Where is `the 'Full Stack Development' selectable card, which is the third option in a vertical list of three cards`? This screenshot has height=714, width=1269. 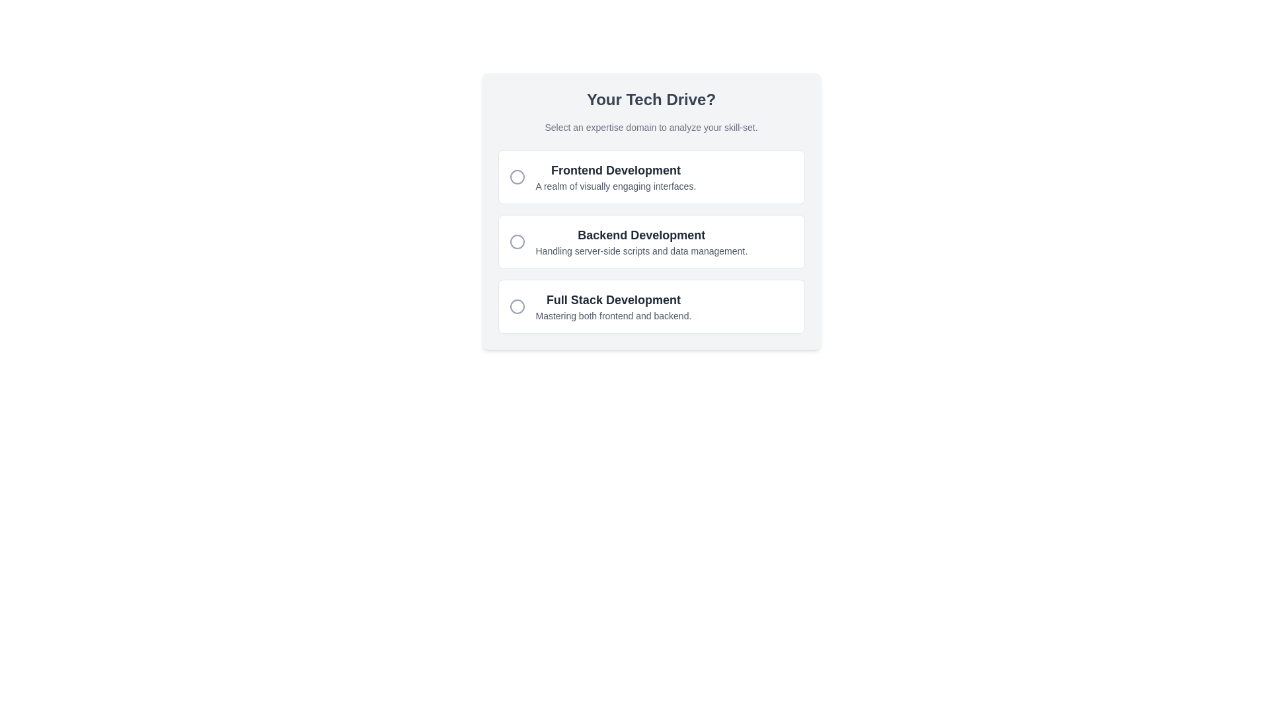 the 'Full Stack Development' selectable card, which is the third option in a vertical list of three cards is located at coordinates (651, 306).